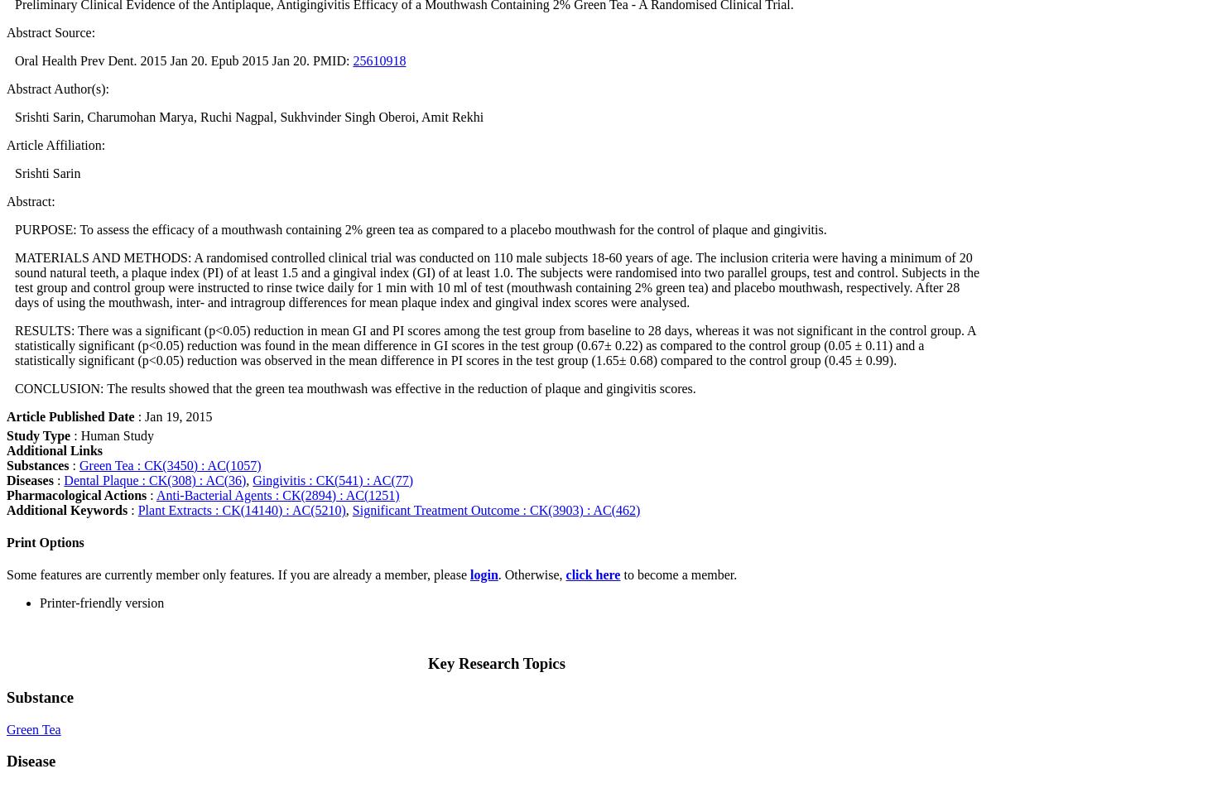 The height and width of the screenshot is (788, 1227). Describe the element at coordinates (7, 761) in the screenshot. I see `'Disease'` at that location.